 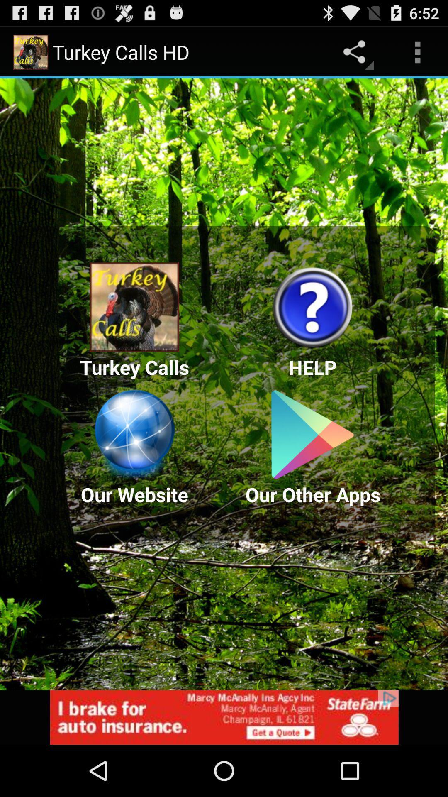 I want to click on advertisement banner, so click(x=224, y=717).